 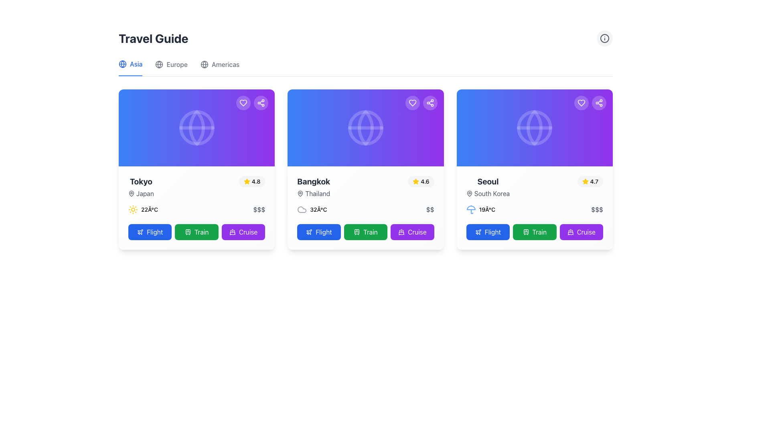 I want to click on the 'Train' button located at the bottom of the card displaying details about 'Tokyo, Japan', so click(x=197, y=232).